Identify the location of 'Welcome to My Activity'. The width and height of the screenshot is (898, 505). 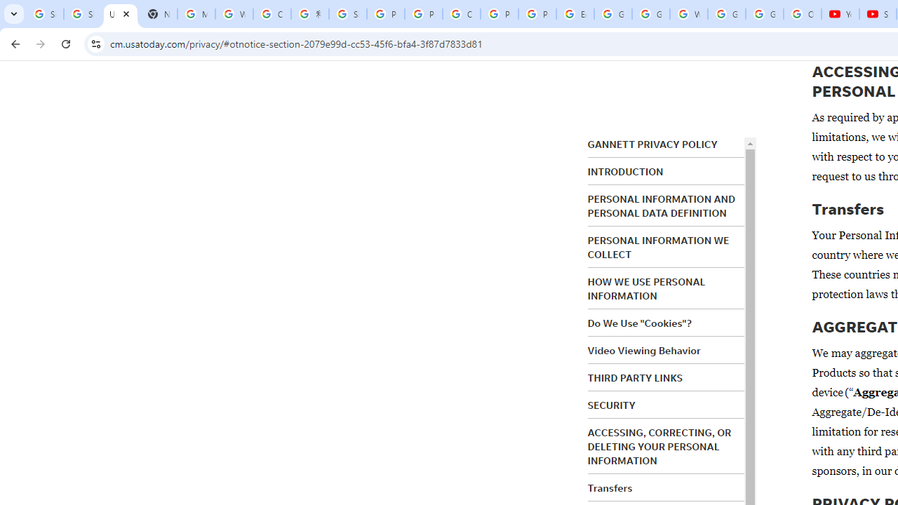
(688, 14).